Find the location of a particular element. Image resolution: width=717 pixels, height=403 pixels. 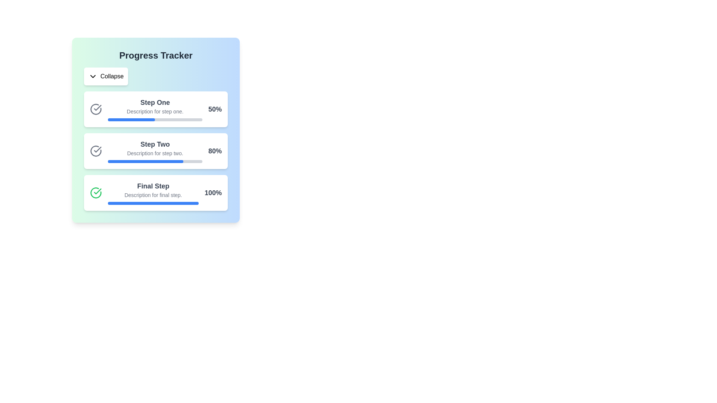

the Progress bar indicating 80% completion for 'Step Two' in the Progress Tracker layout is located at coordinates (155, 161).